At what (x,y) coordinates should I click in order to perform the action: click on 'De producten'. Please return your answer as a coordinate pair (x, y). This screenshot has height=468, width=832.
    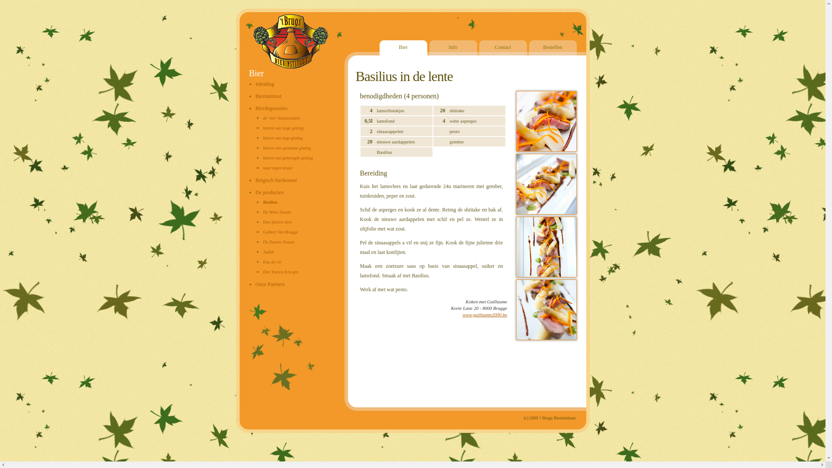
    Looking at the image, I should click on (266, 192).